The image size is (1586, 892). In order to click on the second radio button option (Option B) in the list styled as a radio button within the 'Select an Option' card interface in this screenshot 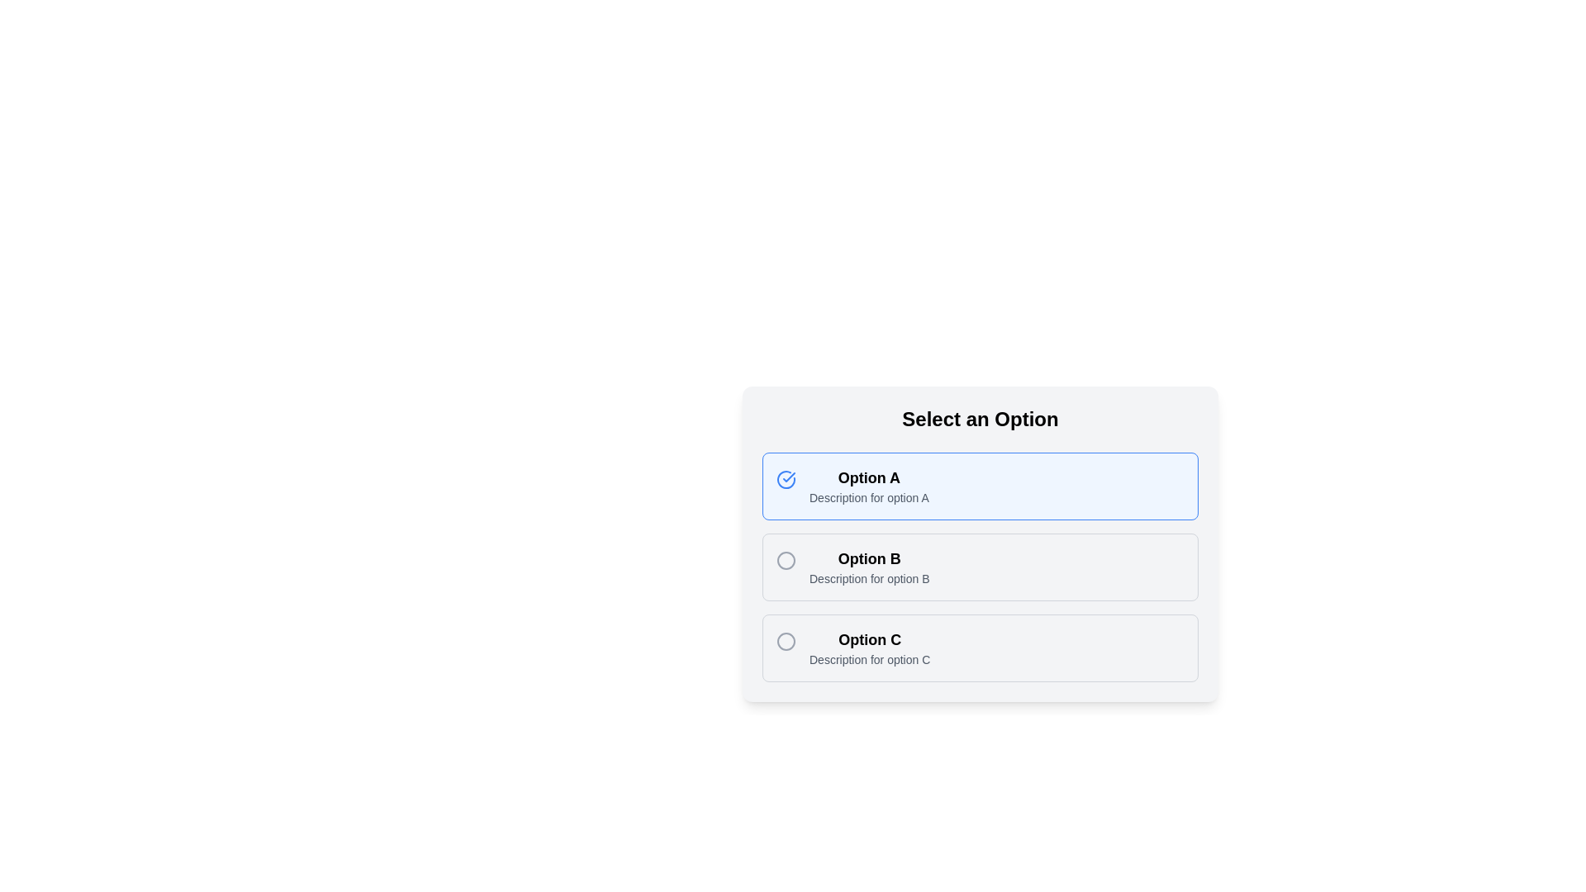, I will do `click(980, 566)`.